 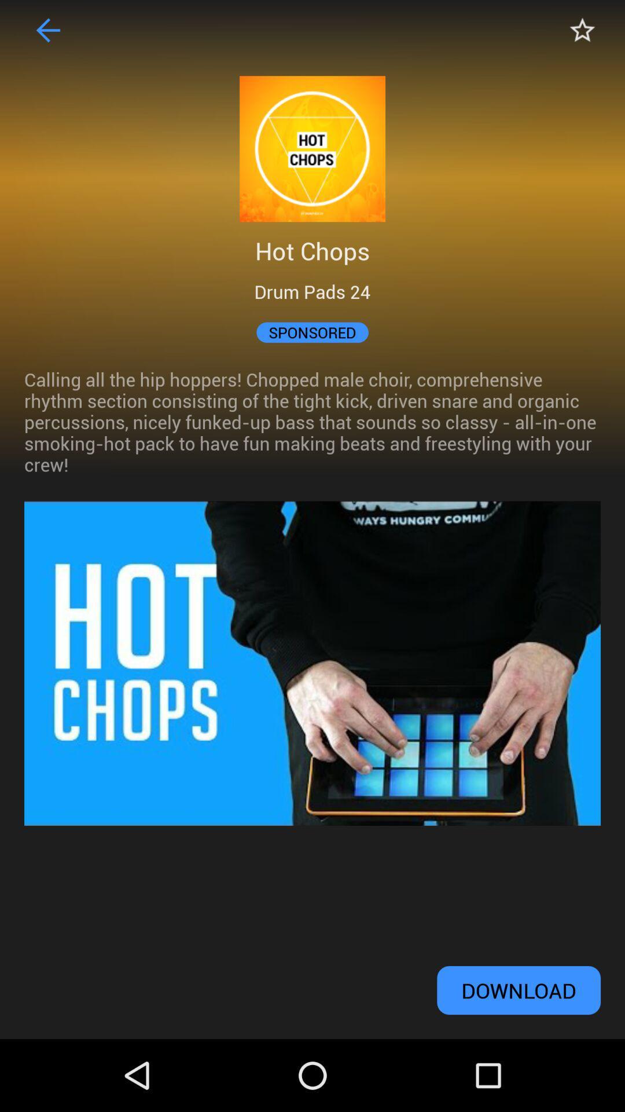 What do you see at coordinates (48, 32) in the screenshot?
I see `the arrow_backward icon` at bounding box center [48, 32].